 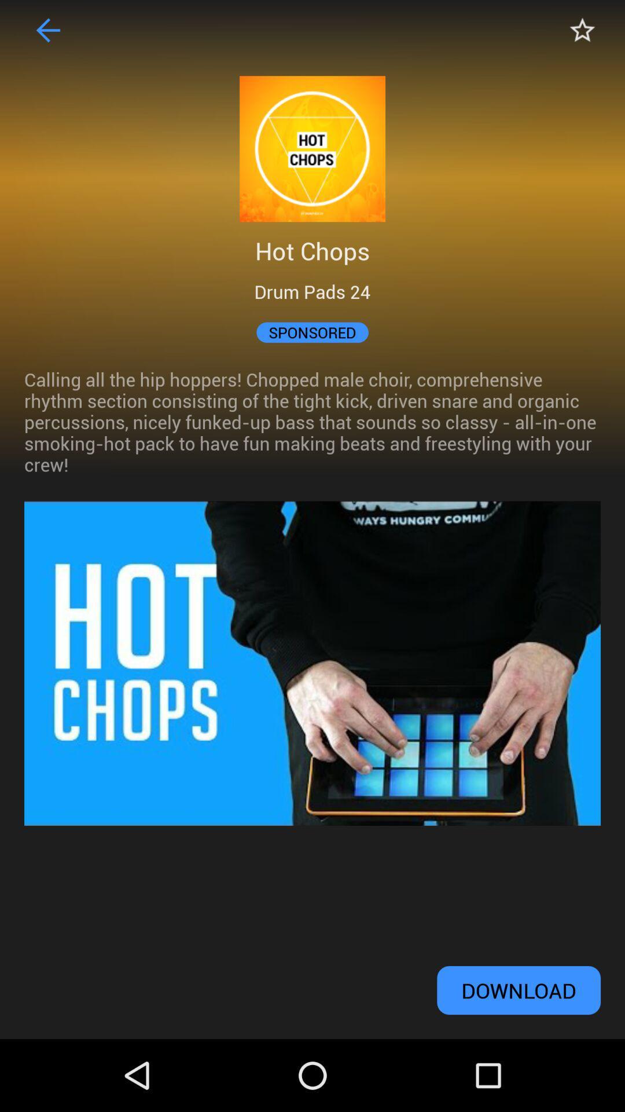 What do you see at coordinates (48, 32) in the screenshot?
I see `the arrow_backward icon` at bounding box center [48, 32].